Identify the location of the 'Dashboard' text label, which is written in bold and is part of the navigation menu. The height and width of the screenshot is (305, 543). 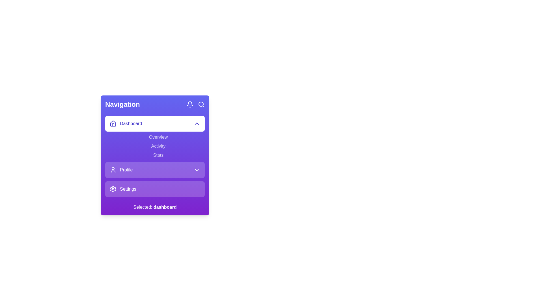
(131, 123).